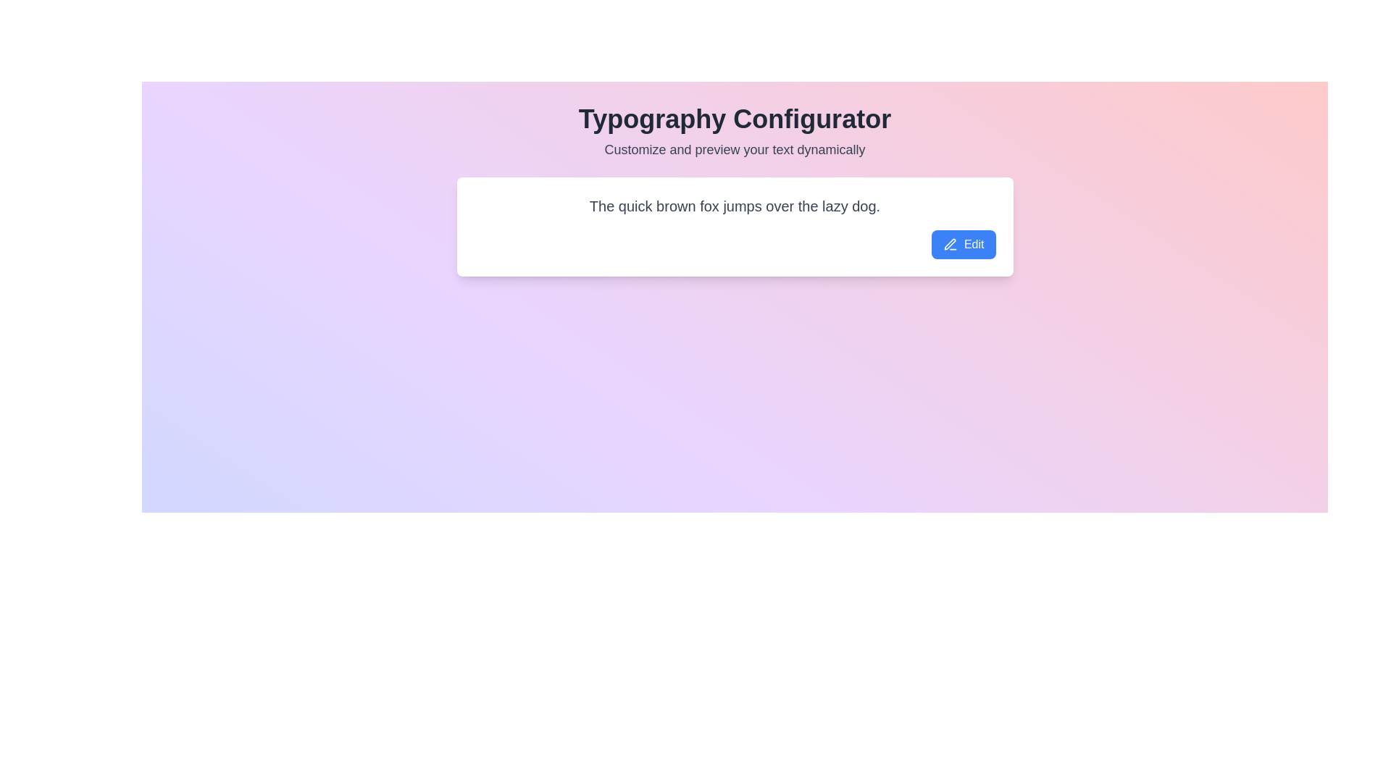  I want to click on the 'Edit' button, which has a blue background and white text with a pen icon, to observe the background color change, so click(964, 243).